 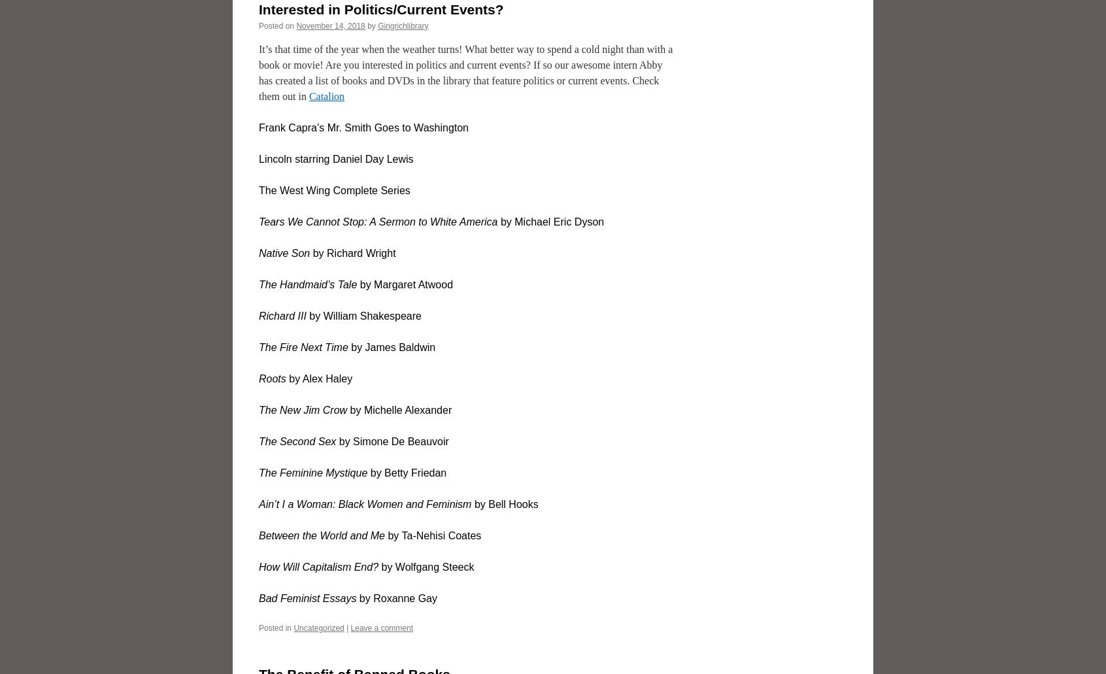 What do you see at coordinates (380, 626) in the screenshot?
I see `'Leave a comment'` at bounding box center [380, 626].